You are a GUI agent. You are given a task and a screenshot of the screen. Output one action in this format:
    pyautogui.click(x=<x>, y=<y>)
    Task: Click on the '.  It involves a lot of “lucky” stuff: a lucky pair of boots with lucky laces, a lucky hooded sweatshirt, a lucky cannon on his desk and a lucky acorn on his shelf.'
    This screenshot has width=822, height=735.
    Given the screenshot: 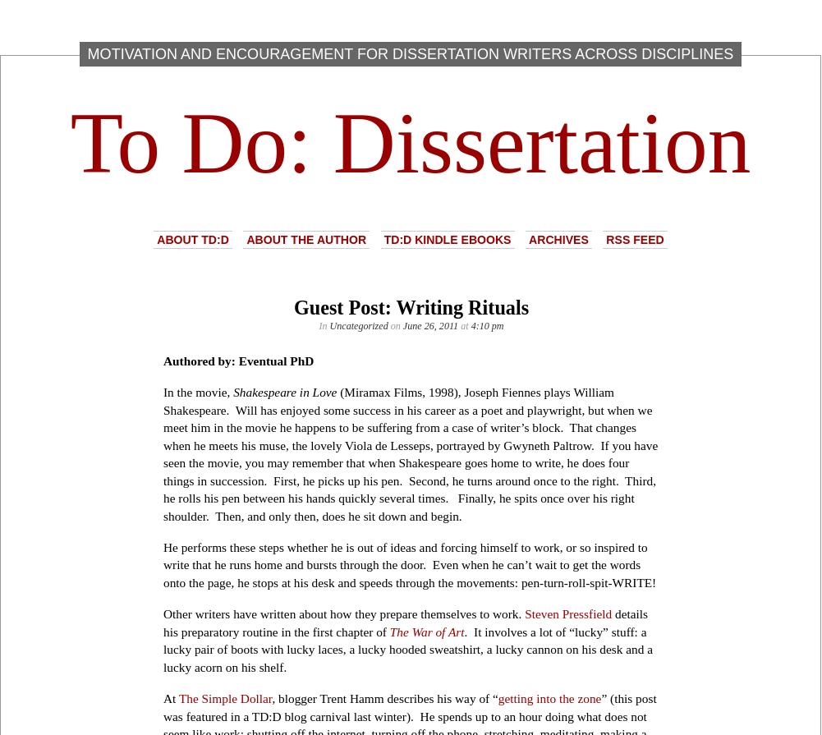 What is the action you would take?
    pyautogui.click(x=407, y=648)
    